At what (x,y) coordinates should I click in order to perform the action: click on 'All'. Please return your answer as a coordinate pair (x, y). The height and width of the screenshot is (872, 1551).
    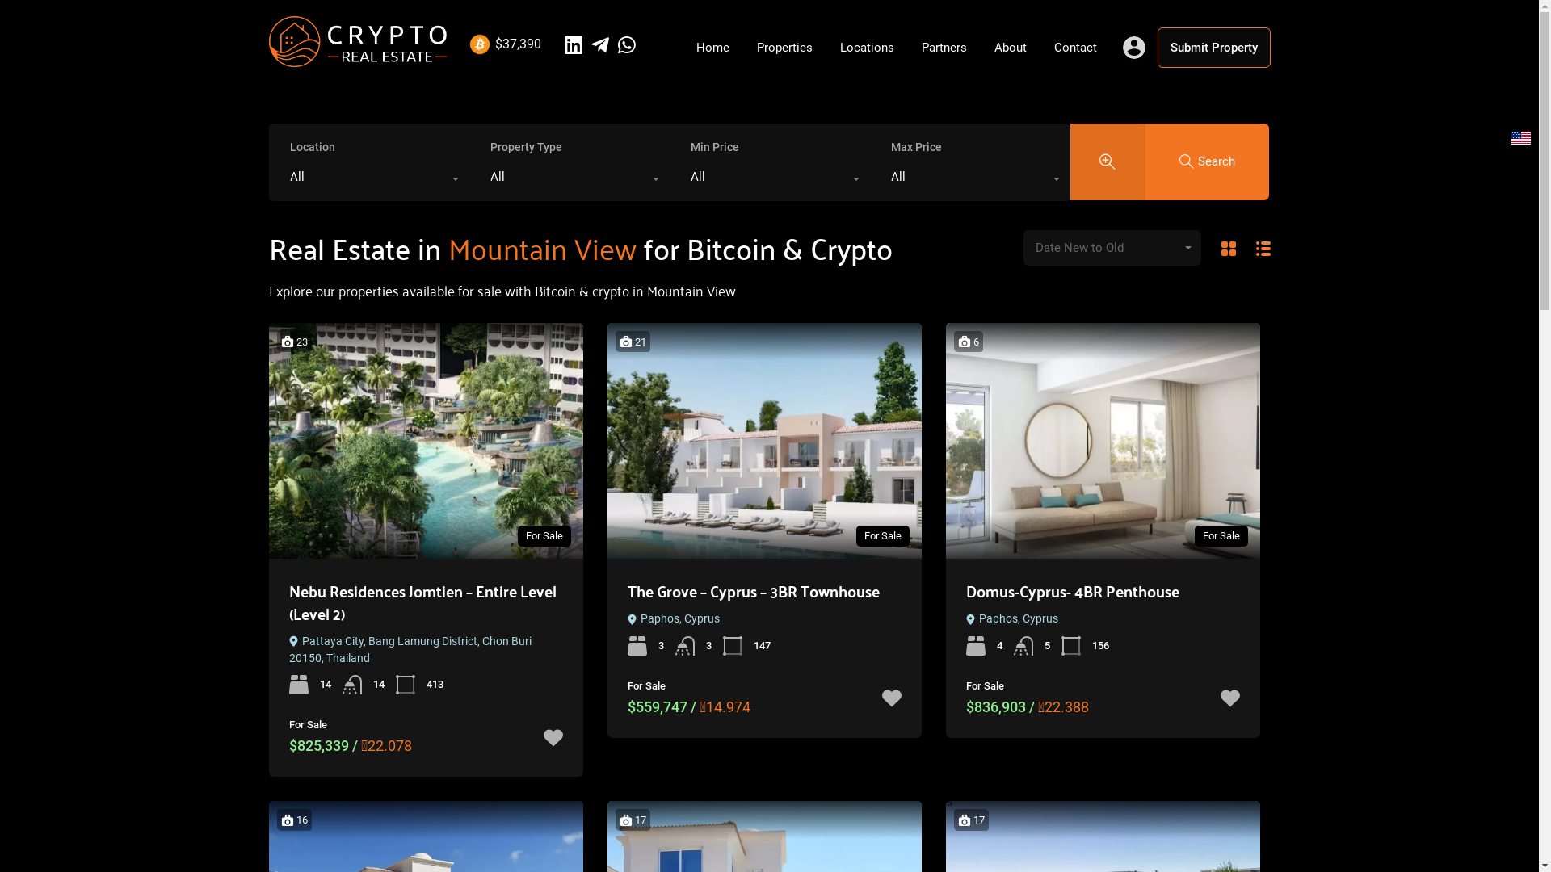
    Looking at the image, I should click on (769, 180).